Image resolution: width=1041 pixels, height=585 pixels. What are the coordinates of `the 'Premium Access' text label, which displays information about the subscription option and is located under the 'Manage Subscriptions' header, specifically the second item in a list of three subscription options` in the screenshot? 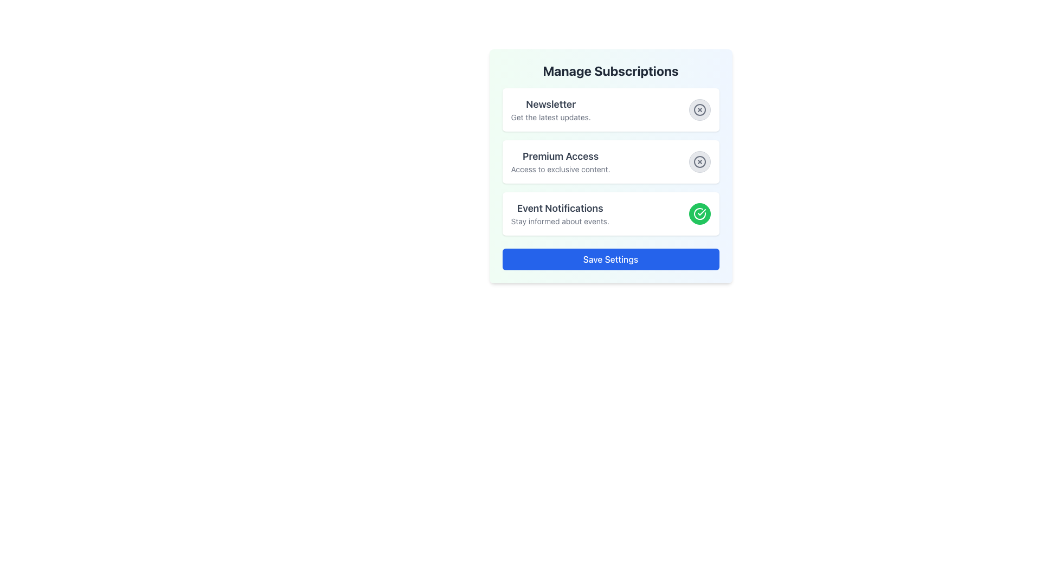 It's located at (561, 162).